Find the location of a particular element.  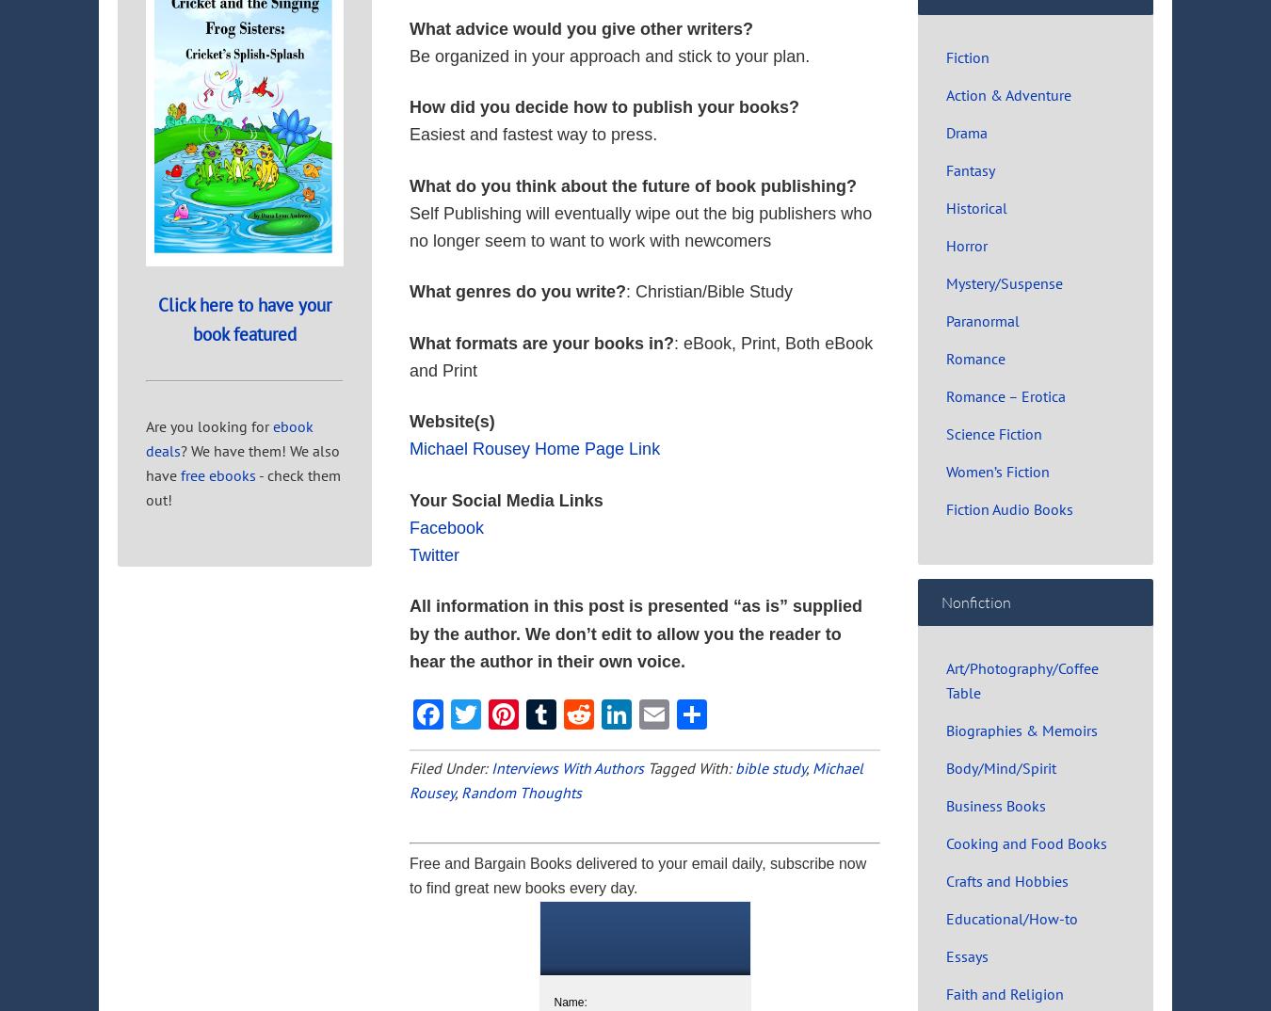

'bible study' is located at coordinates (770, 768).